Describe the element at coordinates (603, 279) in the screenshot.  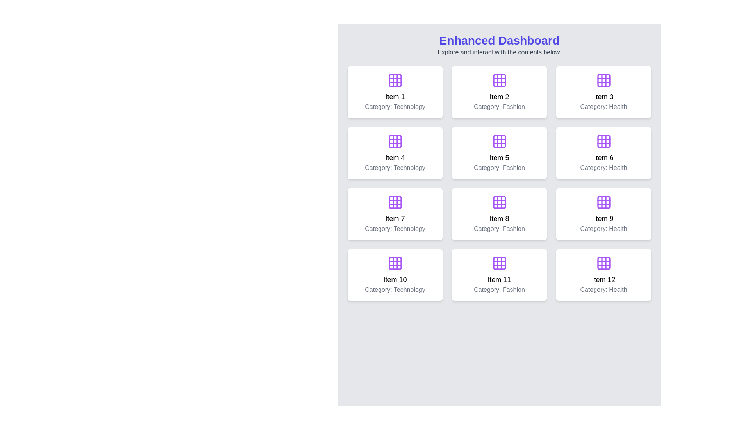
I see `the static text label displaying 'Item 12', which is part of a white rounded card located at the bottom right of the grid layout on the dashboard` at that location.